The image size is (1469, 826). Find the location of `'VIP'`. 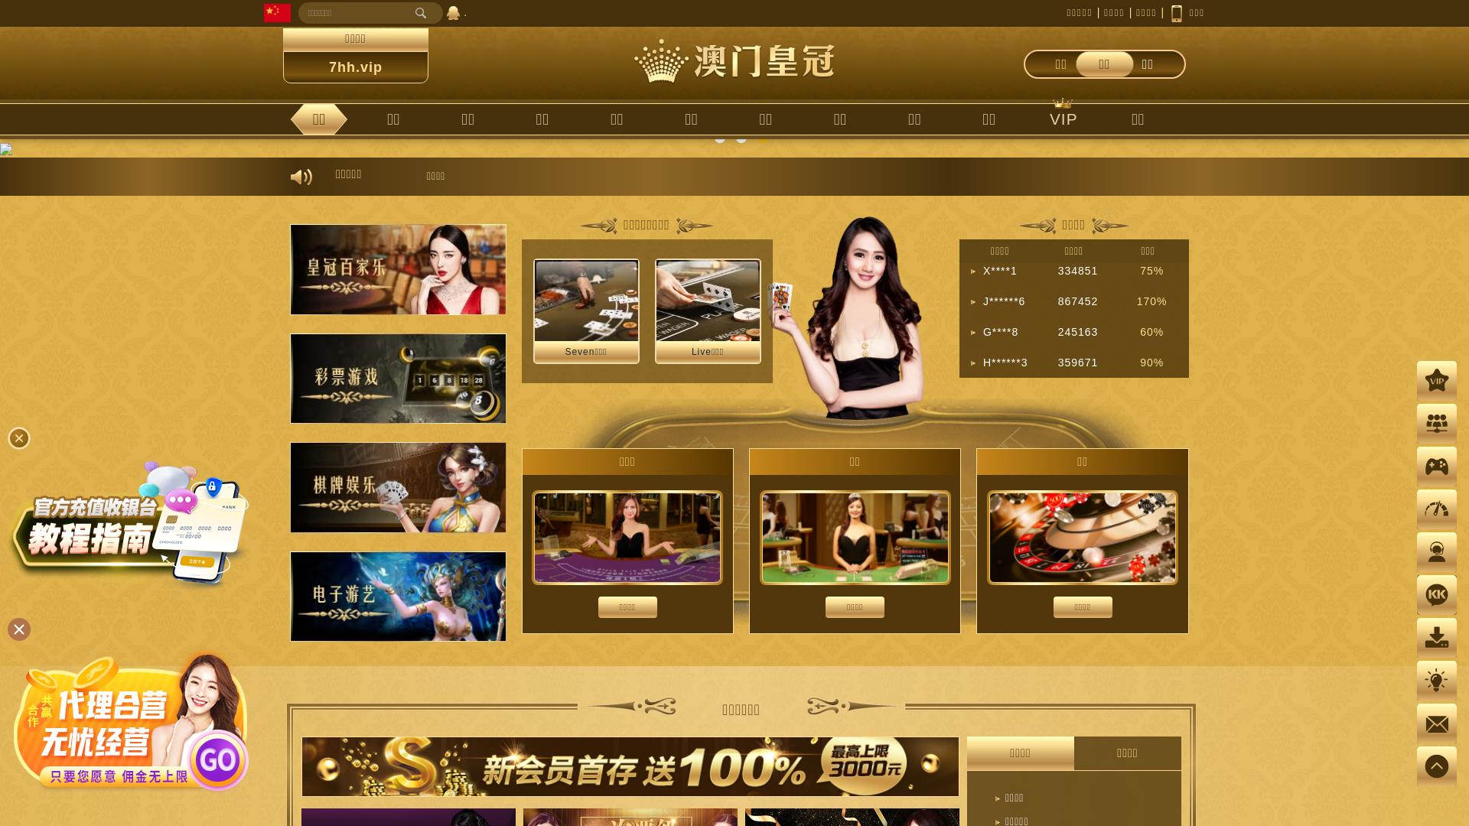

'VIP' is located at coordinates (1063, 118).